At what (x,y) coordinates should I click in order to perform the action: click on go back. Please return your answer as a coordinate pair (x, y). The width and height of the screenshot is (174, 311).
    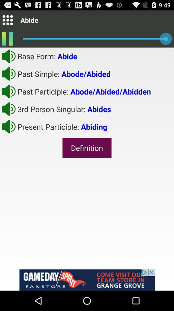
    Looking at the image, I should click on (8, 91).